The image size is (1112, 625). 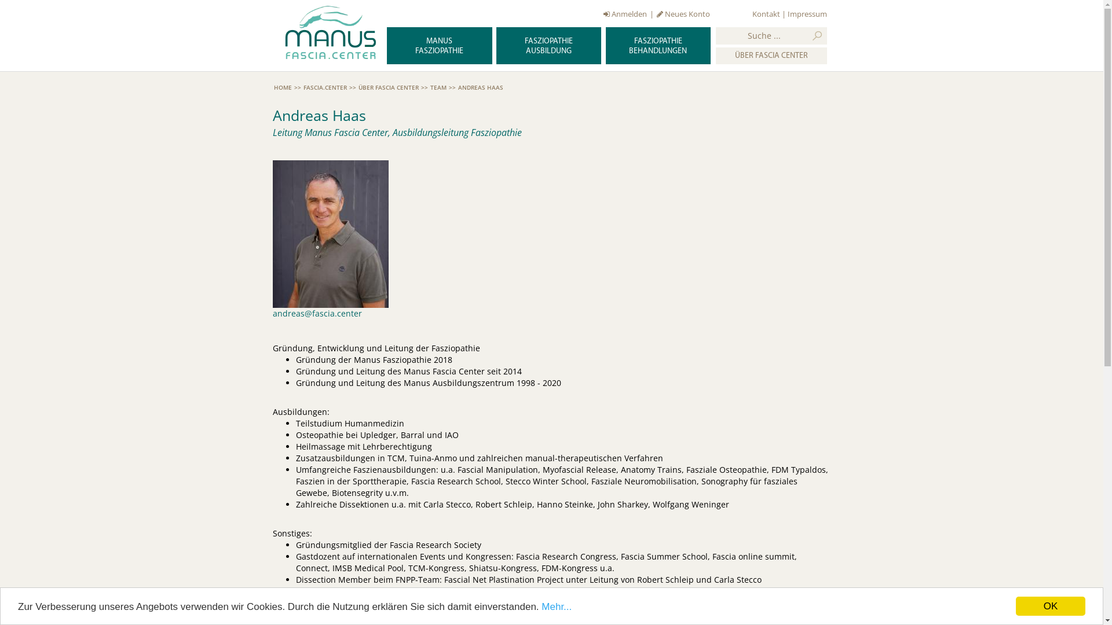 I want to click on 'HOME', so click(x=282, y=86).